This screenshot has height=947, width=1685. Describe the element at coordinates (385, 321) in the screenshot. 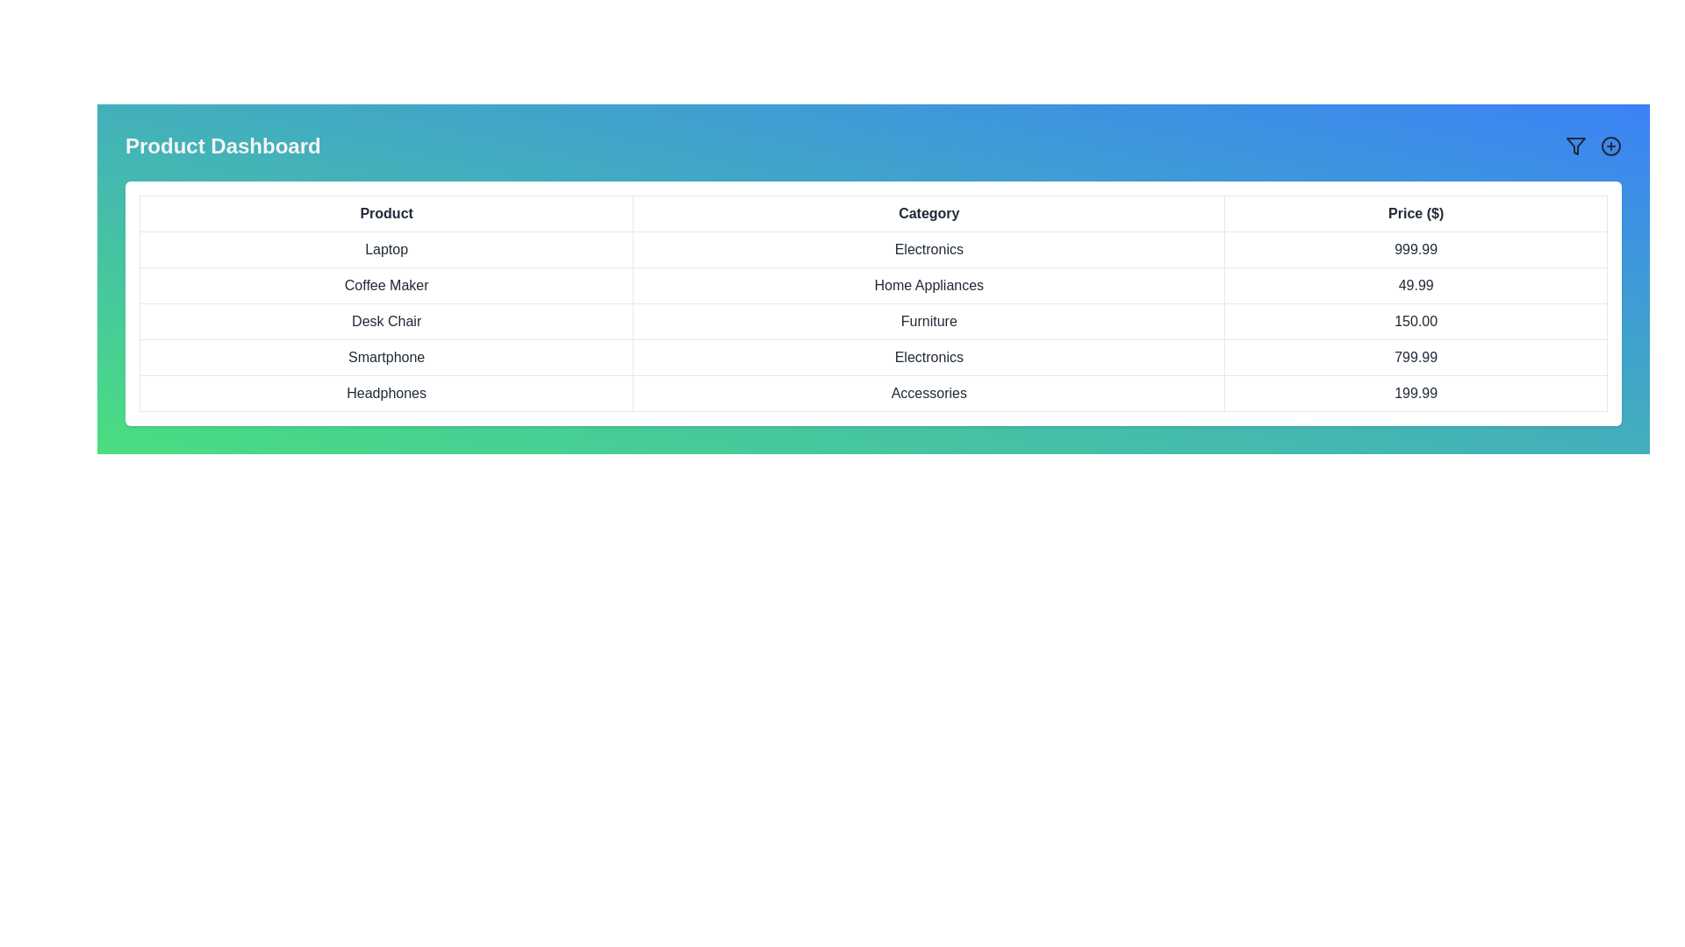

I see `the text content of the table cell displaying 'Desk Chair', which is located in the third row under the 'Product' column of the 'Furniture' category` at that location.